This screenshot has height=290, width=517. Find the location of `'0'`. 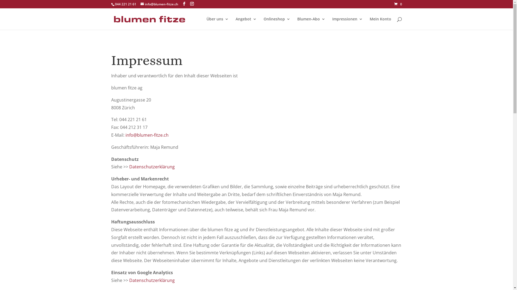

'0' is located at coordinates (398, 4).